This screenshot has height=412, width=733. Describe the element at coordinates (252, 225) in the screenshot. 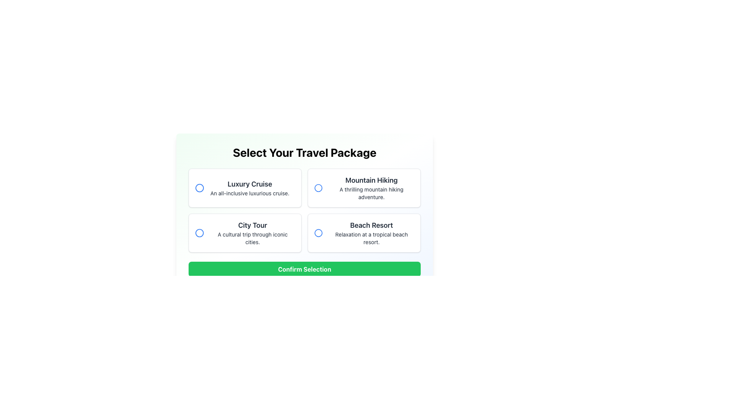

I see `text label 'City Tour', which is styled in bold and significantly larger than surrounding text, located in the travel package selection interface above 'Beach Resort' and below 'Luxury Cruise'` at that location.